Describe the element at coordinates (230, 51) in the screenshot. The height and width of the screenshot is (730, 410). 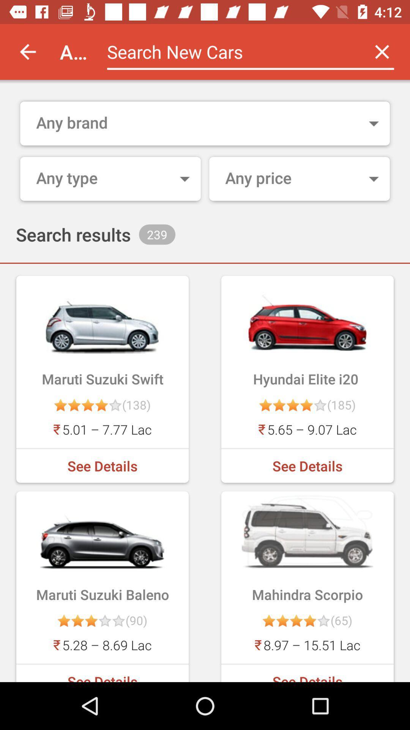
I see `car` at that location.